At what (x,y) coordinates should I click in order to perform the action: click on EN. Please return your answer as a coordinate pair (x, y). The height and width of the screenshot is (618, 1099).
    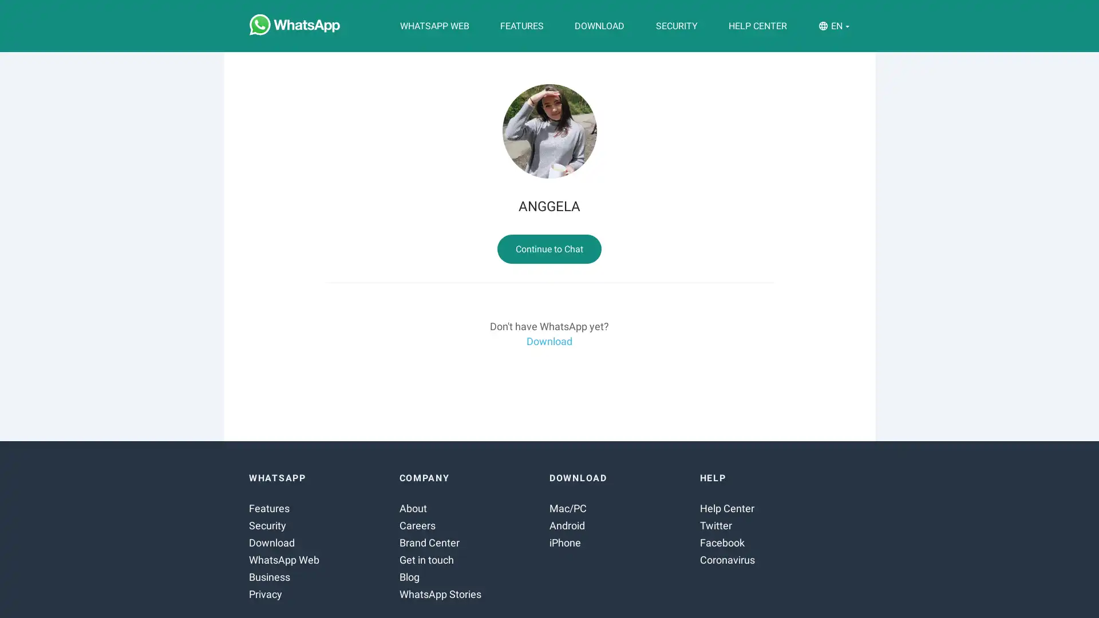
    Looking at the image, I should click on (834, 26).